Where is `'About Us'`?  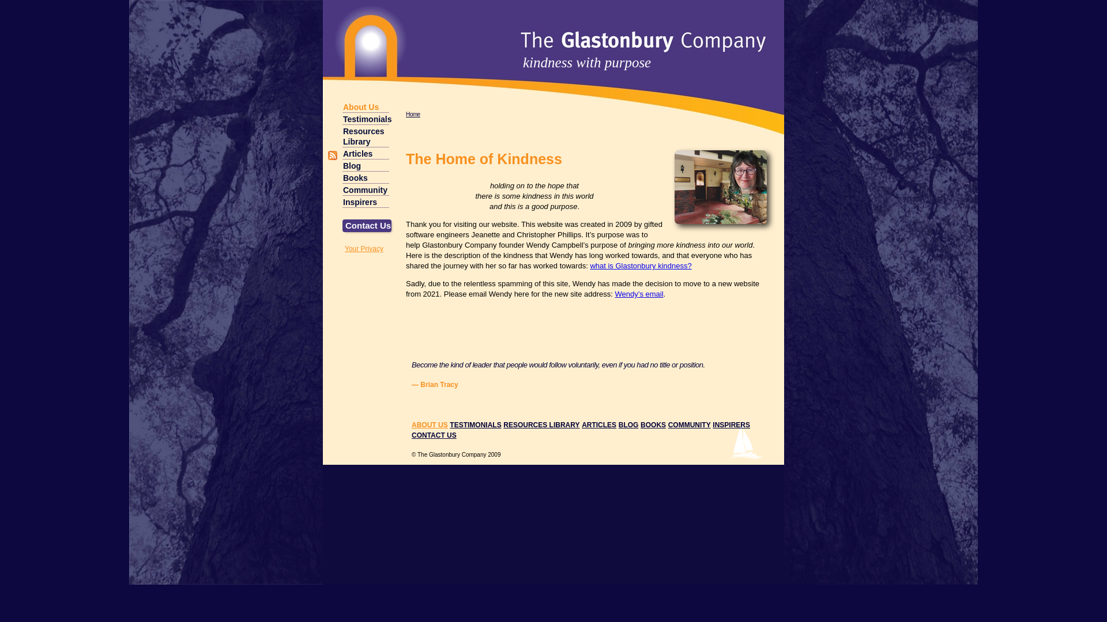 'About Us' is located at coordinates (365, 107).